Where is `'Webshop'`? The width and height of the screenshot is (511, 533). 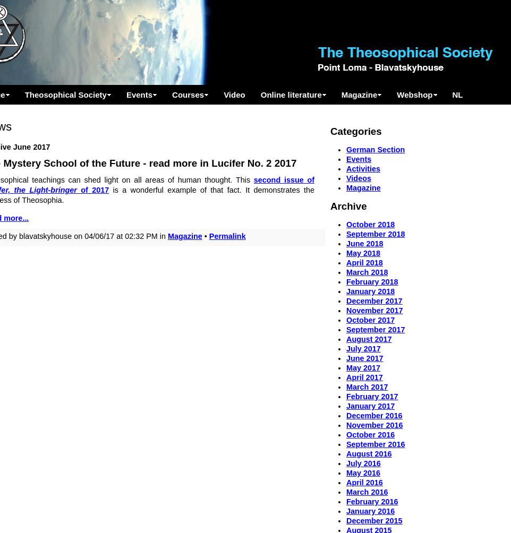 'Webshop' is located at coordinates (396, 94).